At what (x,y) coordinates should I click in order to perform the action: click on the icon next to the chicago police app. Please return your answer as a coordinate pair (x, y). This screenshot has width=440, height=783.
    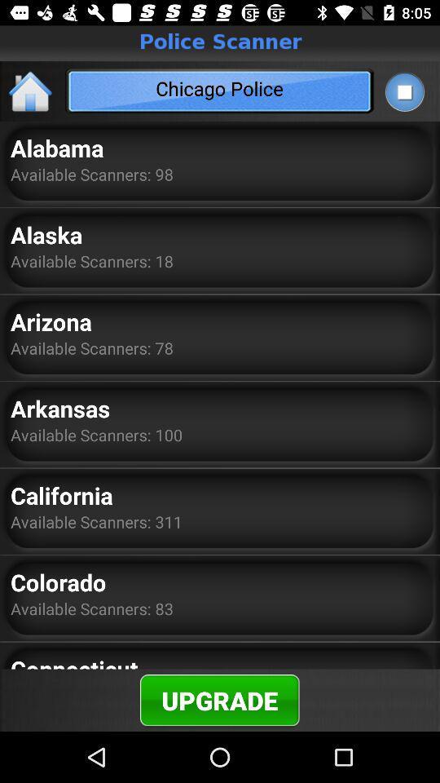
    Looking at the image, I should click on (31, 91).